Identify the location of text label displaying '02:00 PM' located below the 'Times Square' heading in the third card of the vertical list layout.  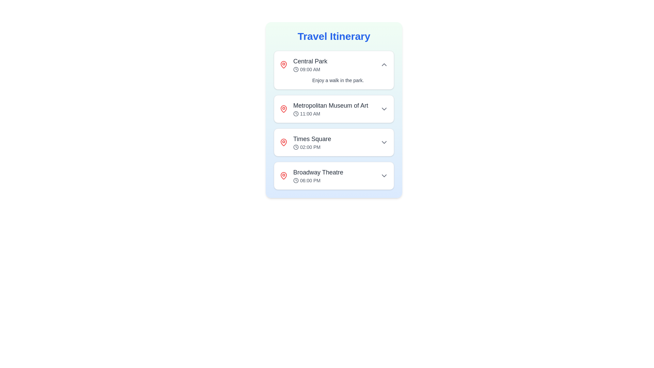
(312, 147).